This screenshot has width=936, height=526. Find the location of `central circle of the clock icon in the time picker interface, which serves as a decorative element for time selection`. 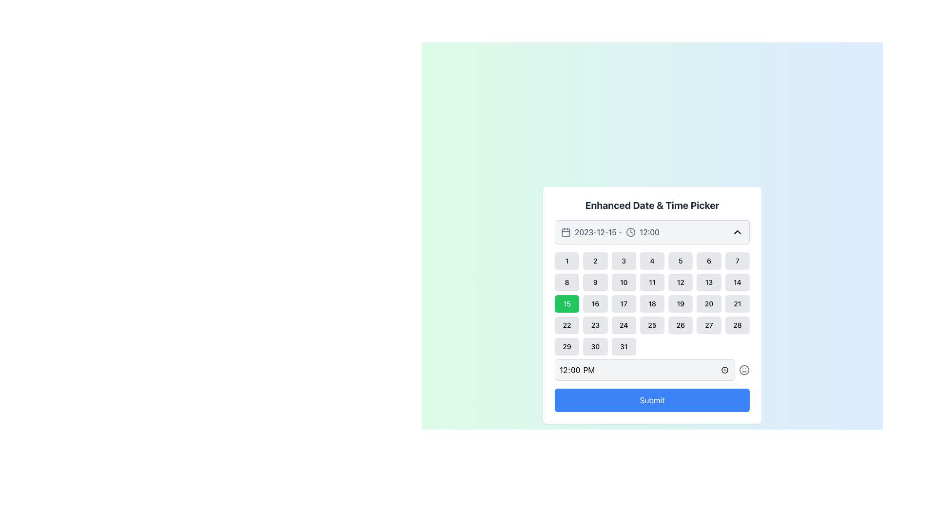

central circle of the clock icon in the time picker interface, which serves as a decorative element for time selection is located at coordinates (631, 232).